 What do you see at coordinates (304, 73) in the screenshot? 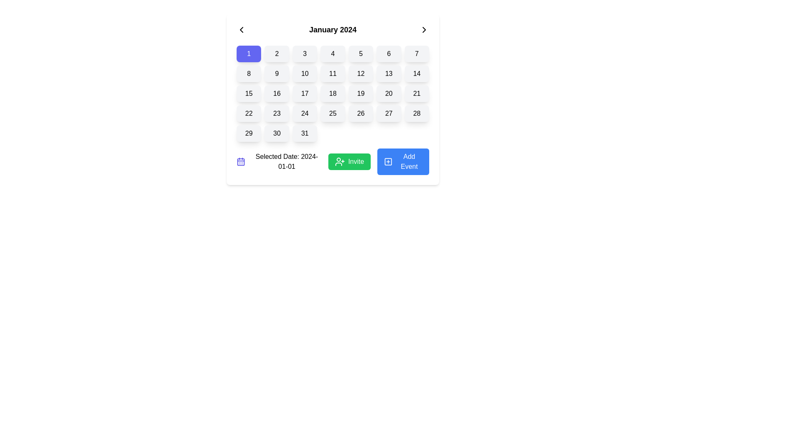
I see `the rectangular button with a white background displaying the number '10' in bold black font` at bounding box center [304, 73].